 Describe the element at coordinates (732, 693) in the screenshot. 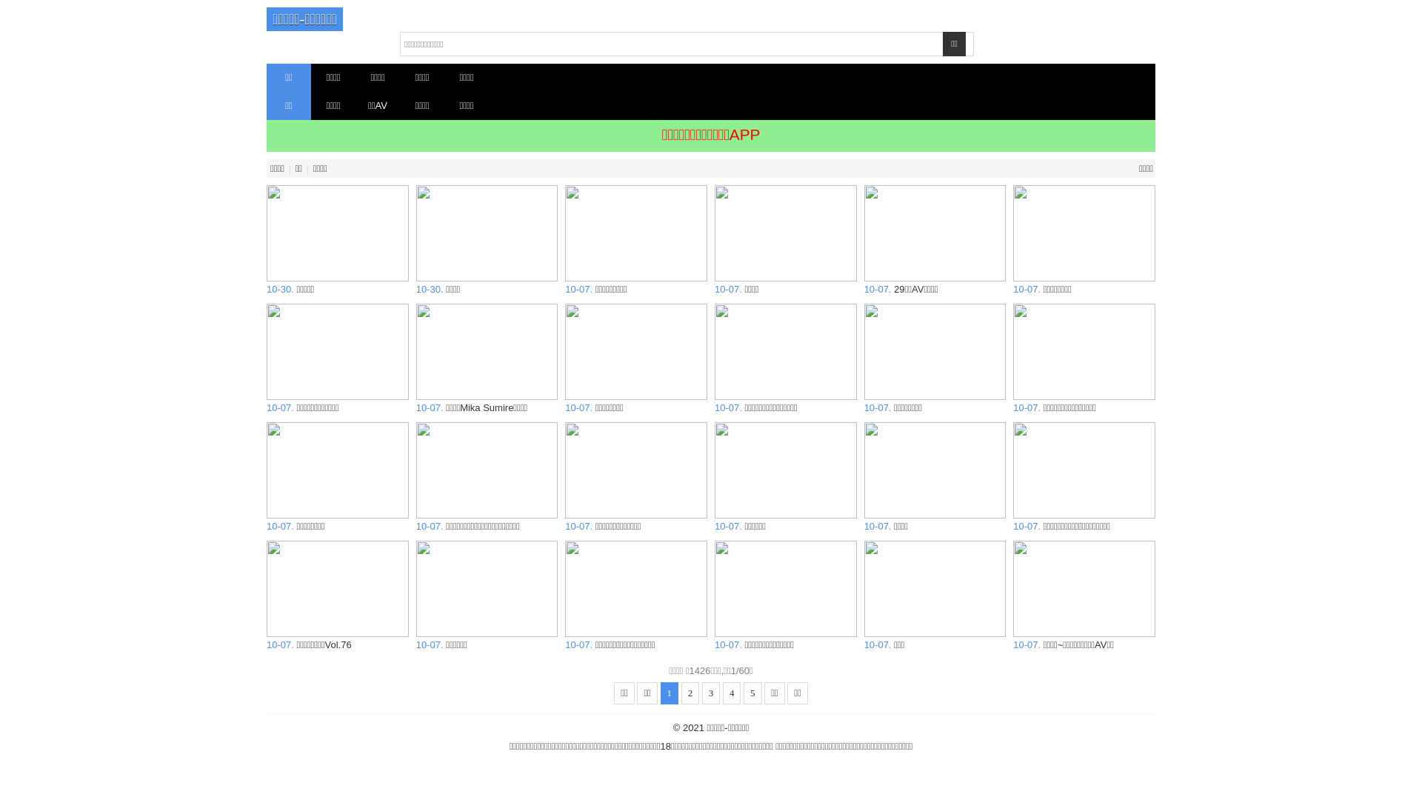

I see `'4'` at that location.